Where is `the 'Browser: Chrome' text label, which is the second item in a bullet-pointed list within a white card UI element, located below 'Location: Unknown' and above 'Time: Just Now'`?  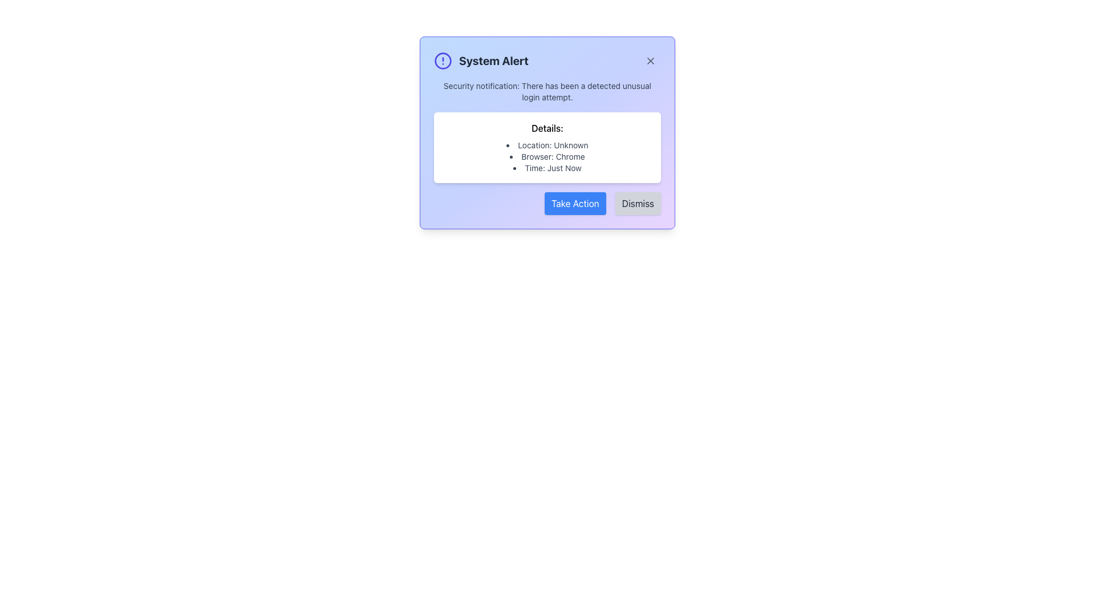
the 'Browser: Chrome' text label, which is the second item in a bullet-pointed list within a white card UI element, located below 'Location: Unknown' and above 'Time: Just Now' is located at coordinates (547, 156).